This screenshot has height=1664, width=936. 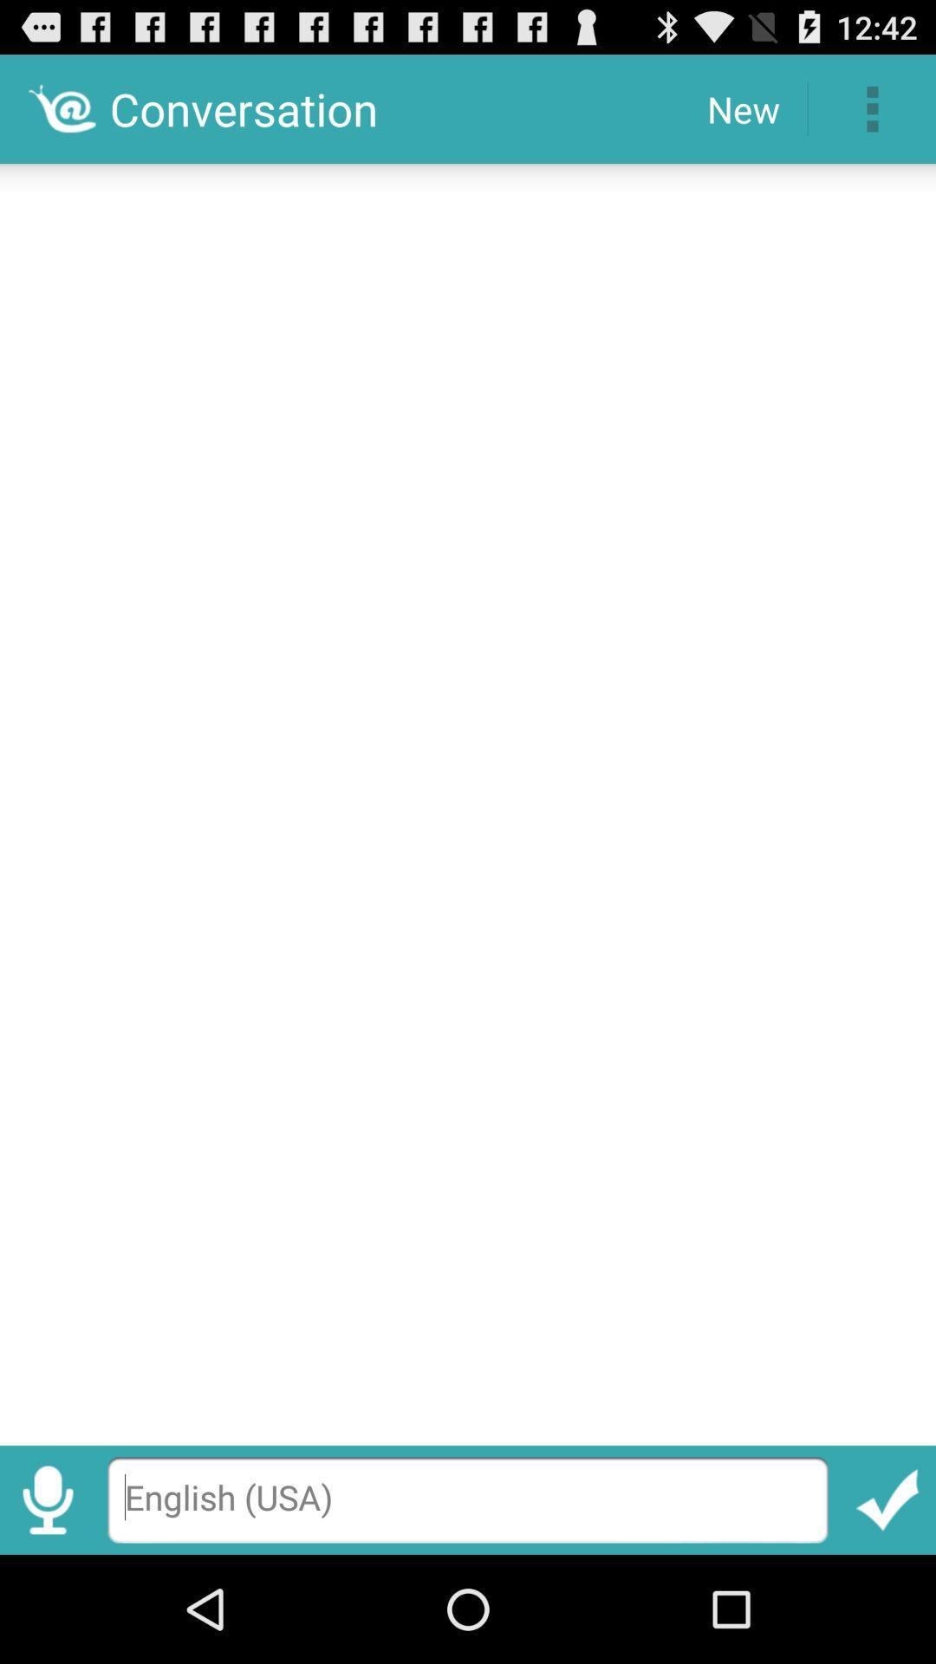 I want to click on item next to the conversation item, so click(x=742, y=107).